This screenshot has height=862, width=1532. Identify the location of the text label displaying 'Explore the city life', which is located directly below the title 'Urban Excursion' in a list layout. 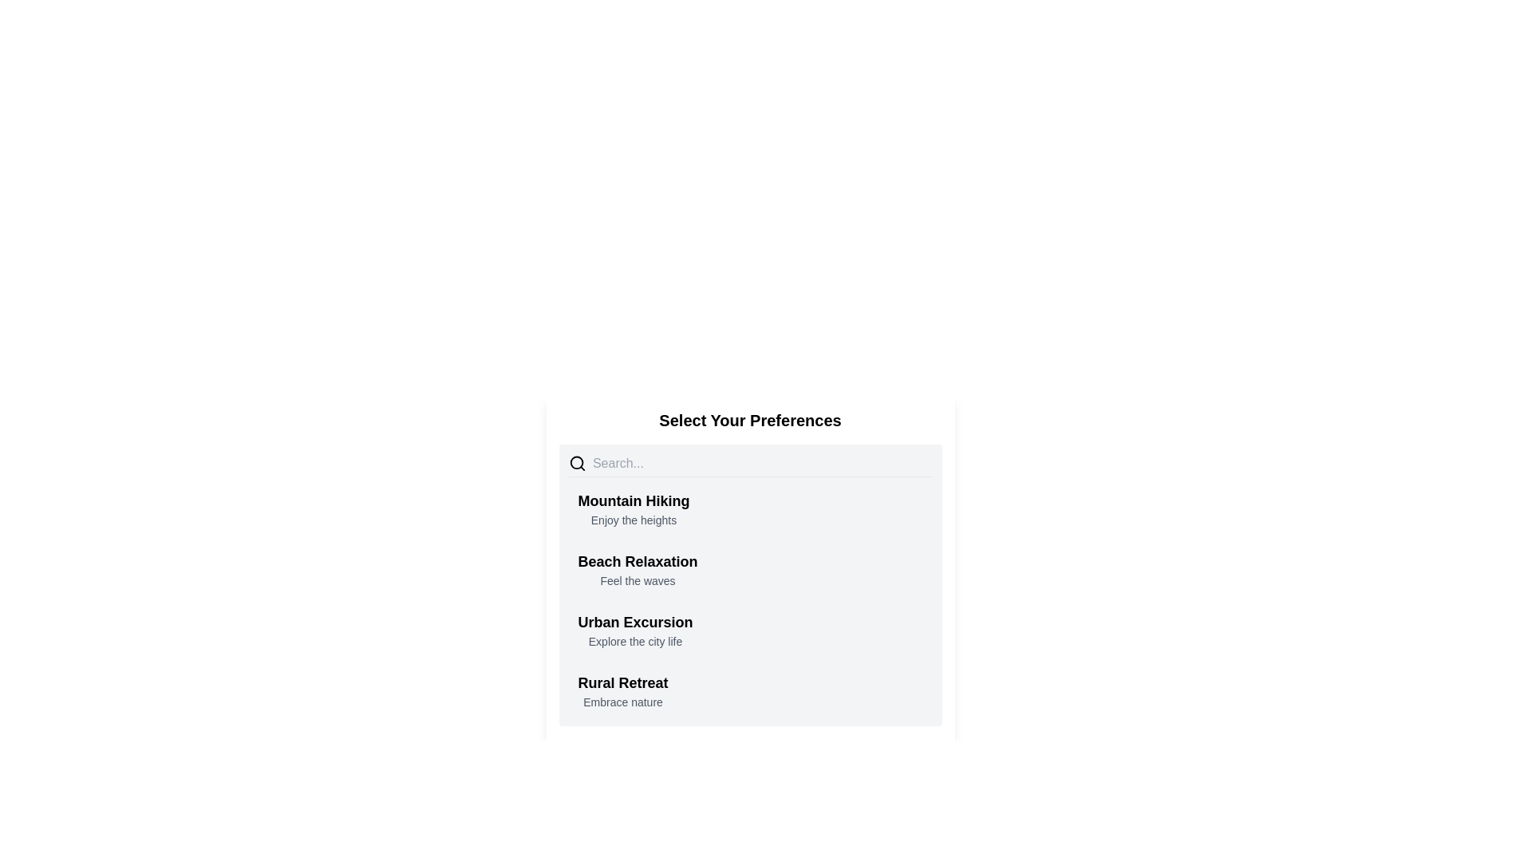
(634, 640).